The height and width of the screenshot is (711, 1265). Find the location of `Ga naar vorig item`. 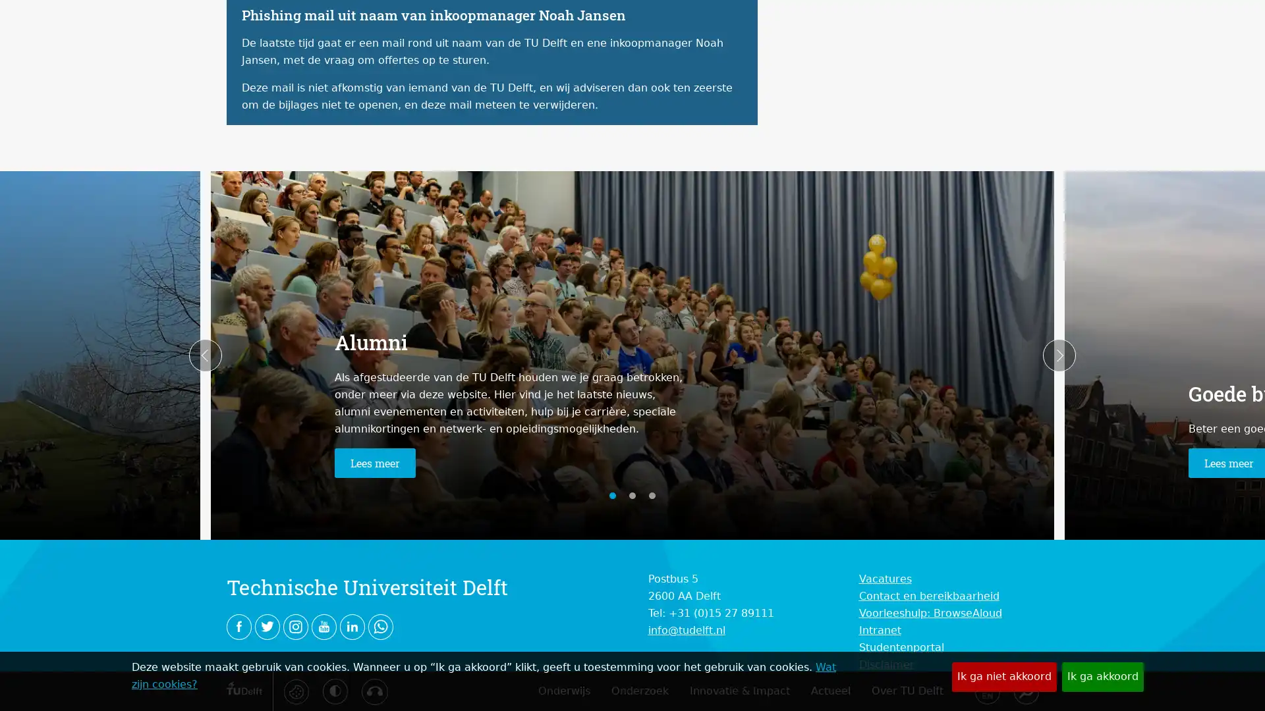

Ga naar vorig item is located at coordinates (205, 355).